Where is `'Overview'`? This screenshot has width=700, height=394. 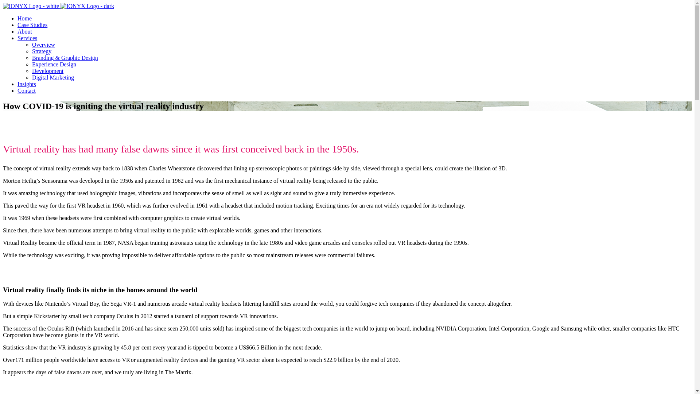 'Overview' is located at coordinates (43, 45).